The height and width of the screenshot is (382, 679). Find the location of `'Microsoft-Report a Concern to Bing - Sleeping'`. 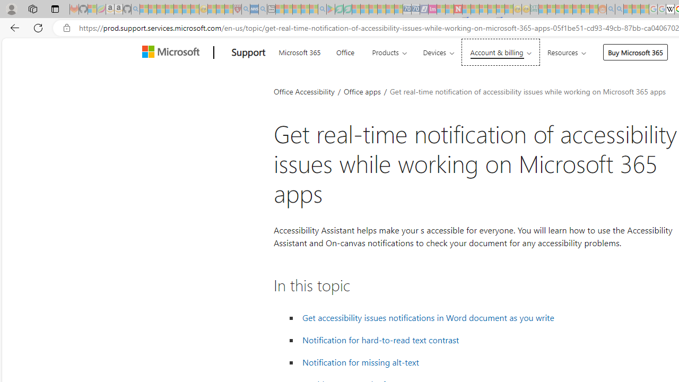

'Microsoft-Report a Concern to Bing - Sleeping' is located at coordinates (92, 9).